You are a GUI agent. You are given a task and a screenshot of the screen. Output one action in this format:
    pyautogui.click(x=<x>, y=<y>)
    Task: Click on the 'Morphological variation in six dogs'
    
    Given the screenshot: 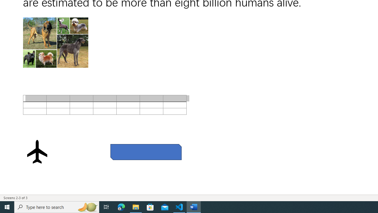 What is the action you would take?
    pyautogui.click(x=56, y=42)
    